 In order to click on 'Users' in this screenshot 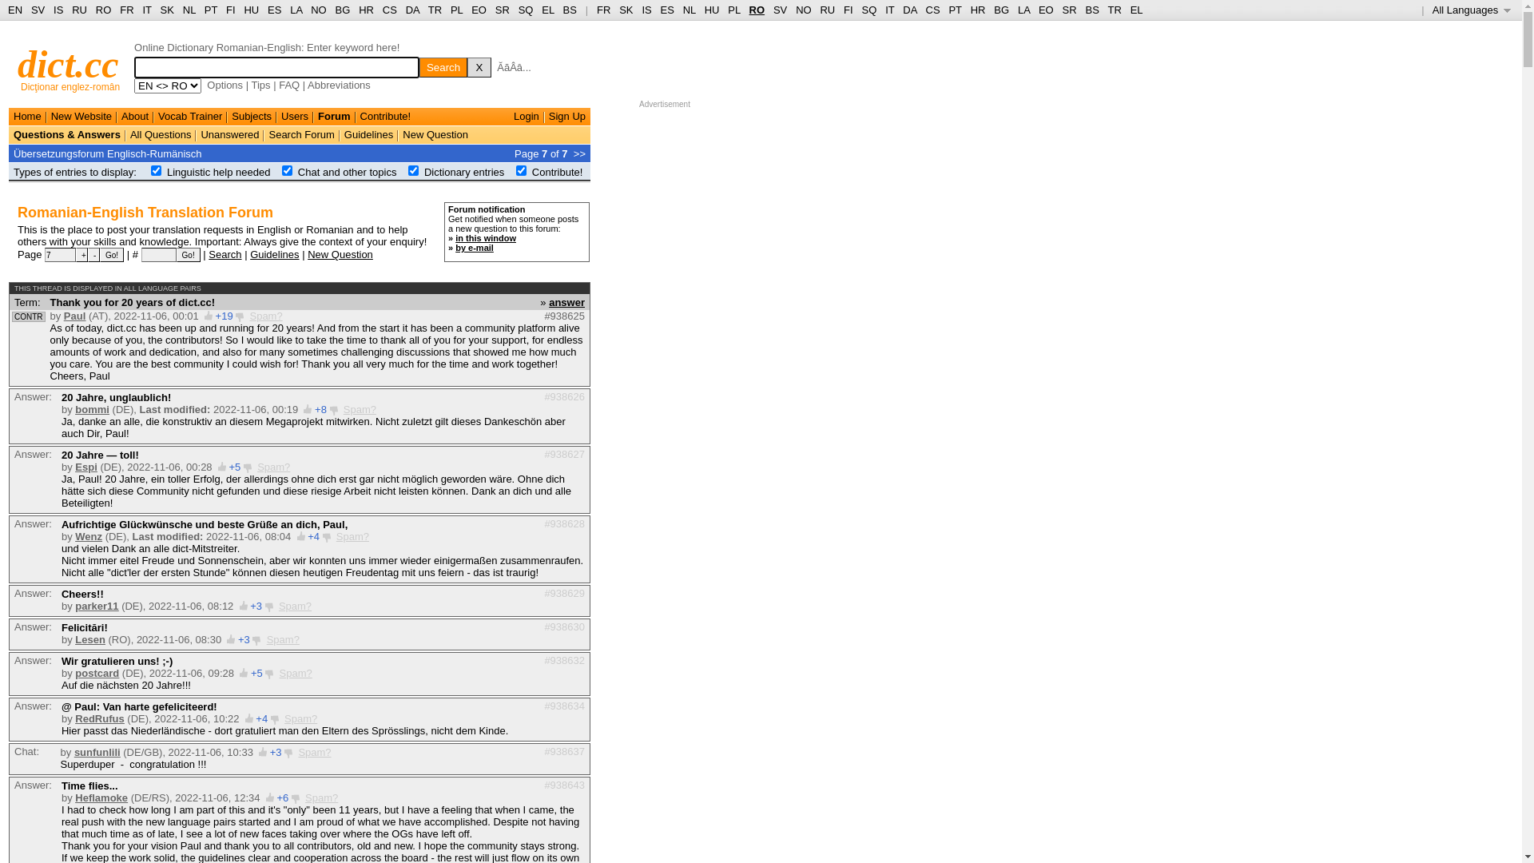, I will do `click(295, 115)`.